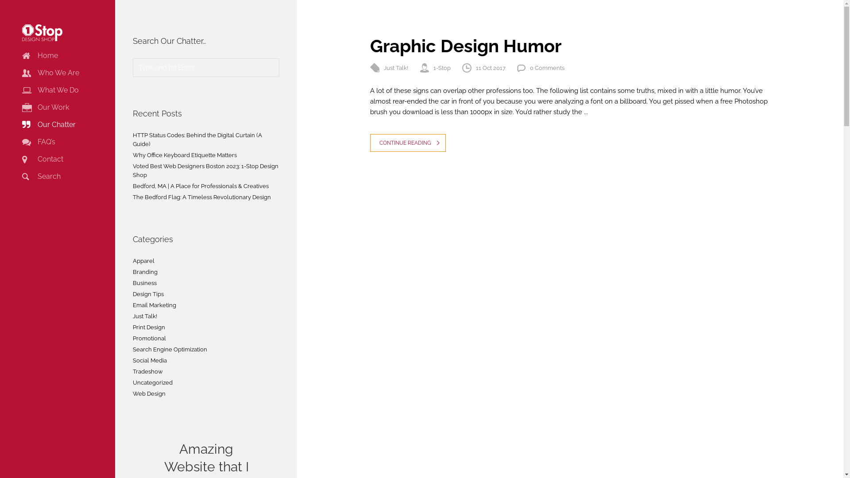 The image size is (850, 478). Describe the element at coordinates (149, 328) in the screenshot. I see `'Print Design'` at that location.